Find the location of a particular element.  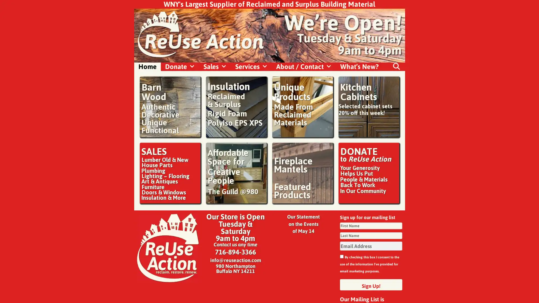

Sign Up! is located at coordinates (371, 284).